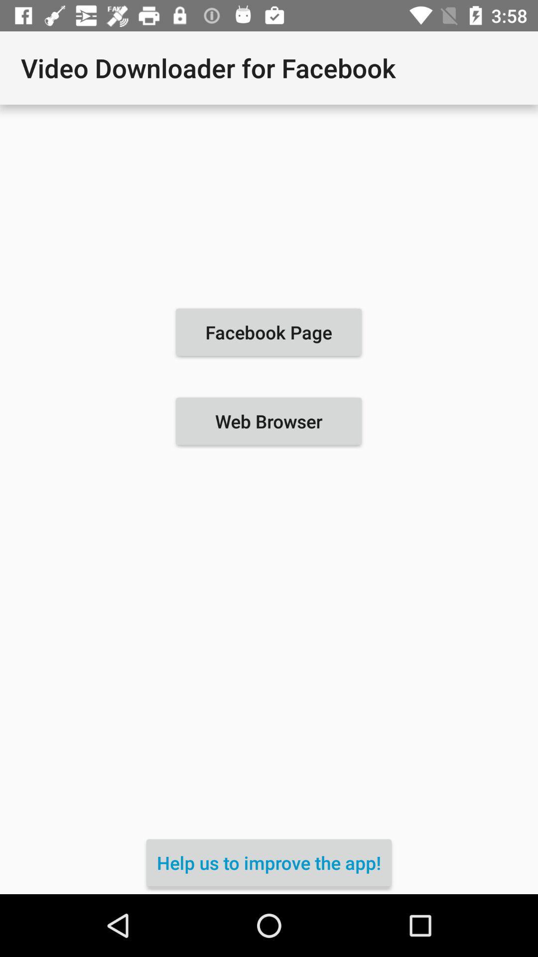 The width and height of the screenshot is (538, 957). I want to click on the icon below the web browser, so click(269, 862).